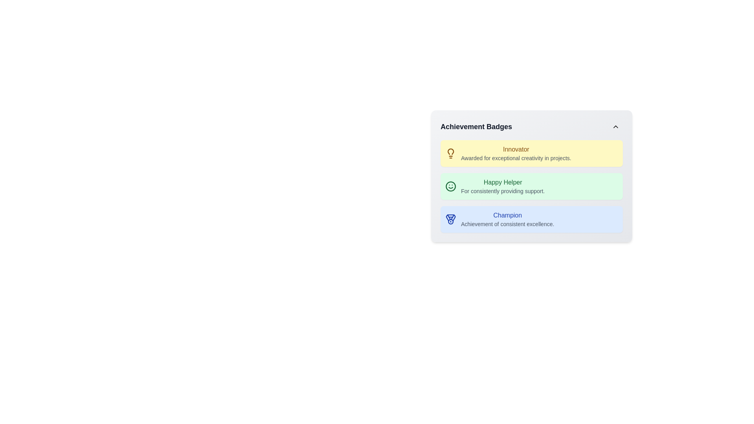 The height and width of the screenshot is (424, 754). I want to click on the 'Happy Helper' recognition badge located in the green section of the awards list, which is the second badge from the top, so click(503, 186).